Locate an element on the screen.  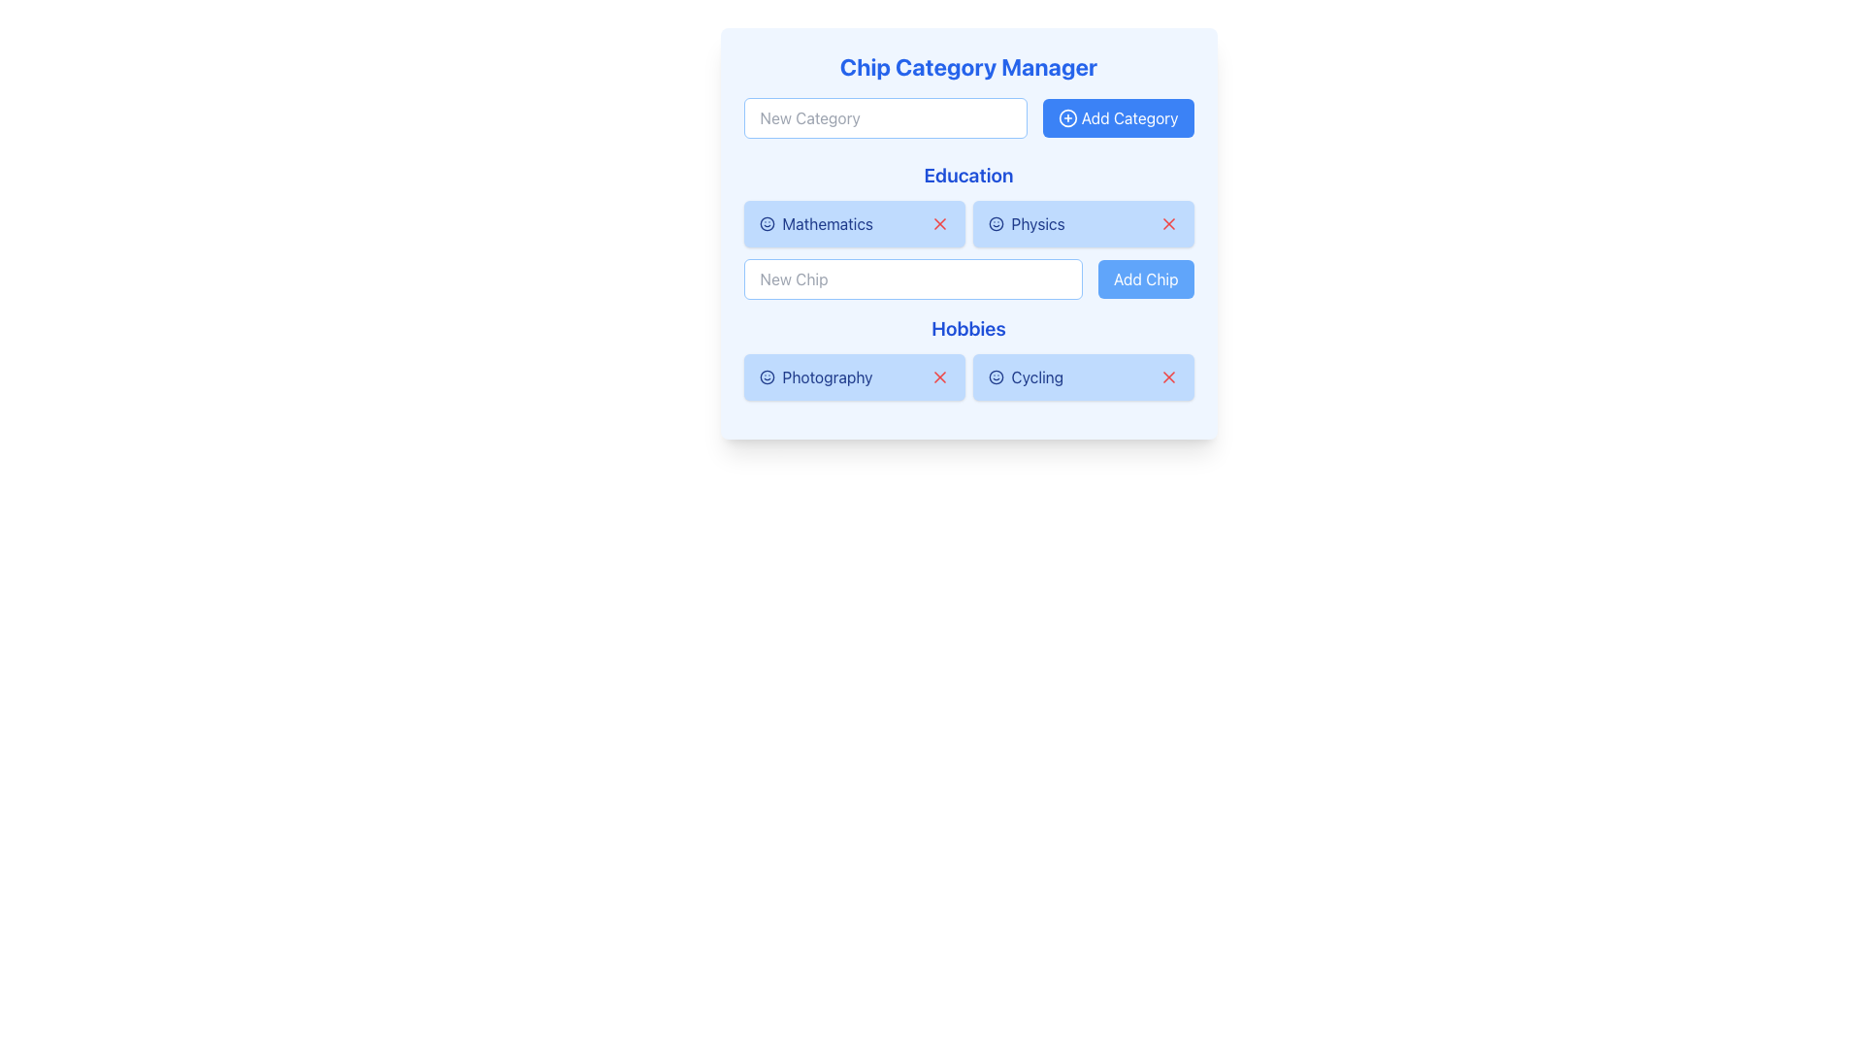
the red 'X' icon button is located at coordinates (939, 377).